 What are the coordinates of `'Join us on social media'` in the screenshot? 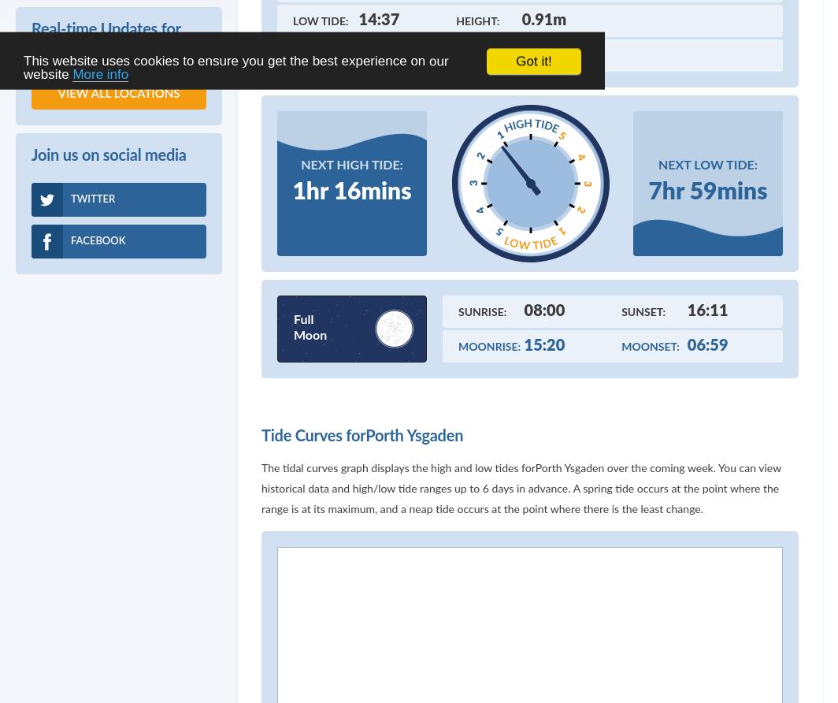 It's located at (32, 155).